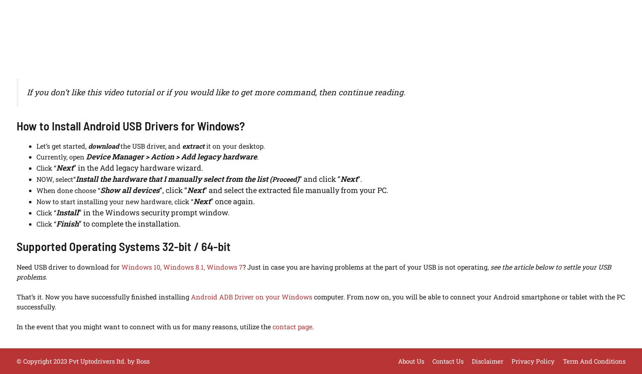 The width and height of the screenshot is (642, 374). What do you see at coordinates (68, 267) in the screenshot?
I see `'Need USB driver to download for'` at bounding box center [68, 267].